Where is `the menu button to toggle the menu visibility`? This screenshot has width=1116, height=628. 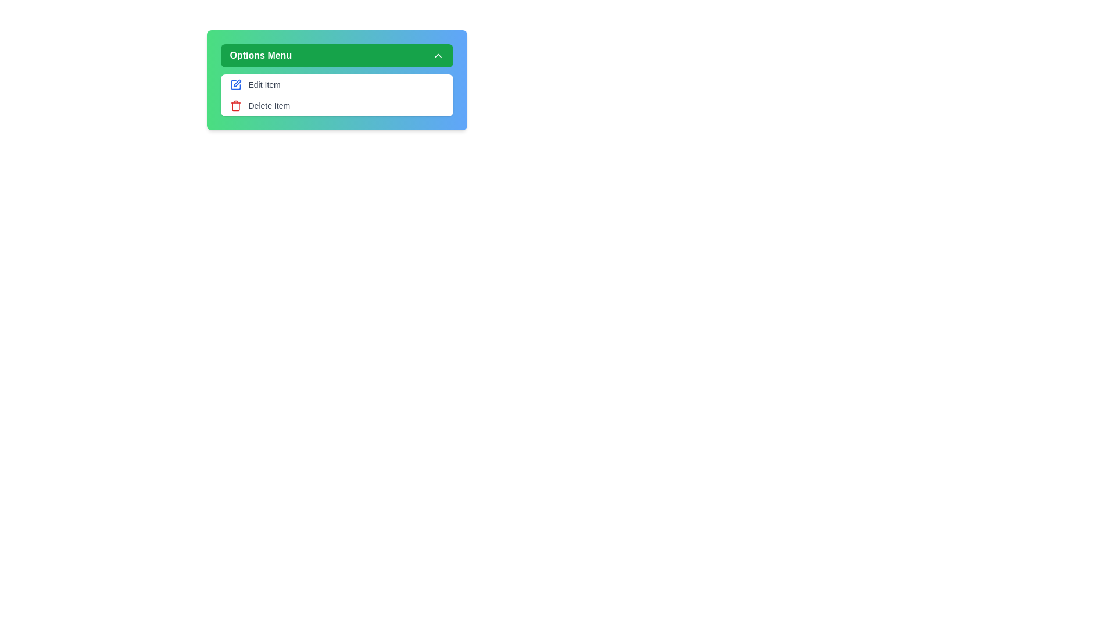 the menu button to toggle the menu visibility is located at coordinates (336, 56).